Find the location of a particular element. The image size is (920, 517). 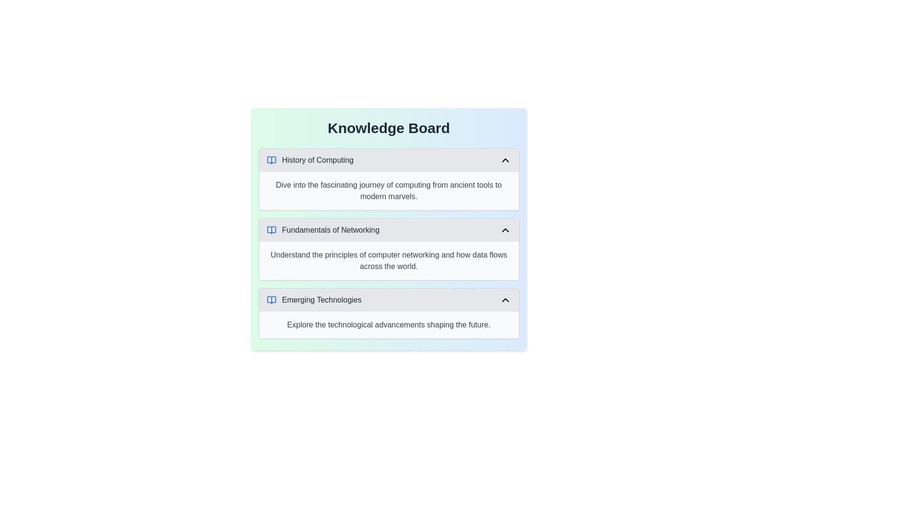

the upward-pointing chevron icon located in the upper-right corner of the 'Fundamentals of Networking' rectangle is located at coordinates (505, 230).